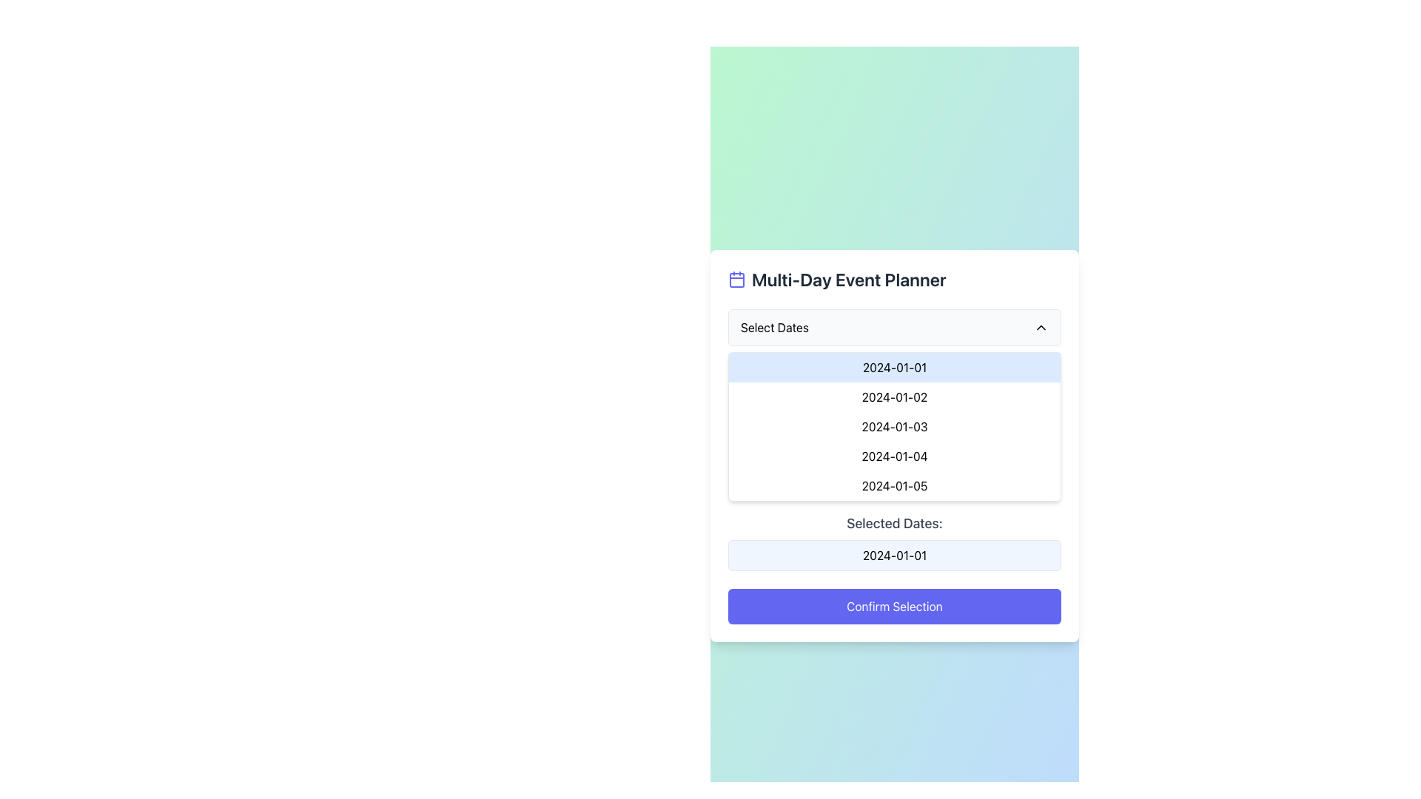 The width and height of the screenshot is (1421, 799). What do you see at coordinates (894, 396) in the screenshot?
I see `the dropdown menu option displaying the date '2024-01-02'` at bounding box center [894, 396].